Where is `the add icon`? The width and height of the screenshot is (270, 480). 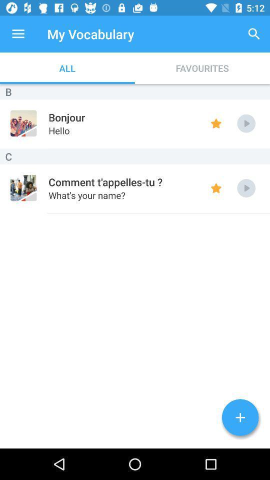 the add icon is located at coordinates (239, 417).